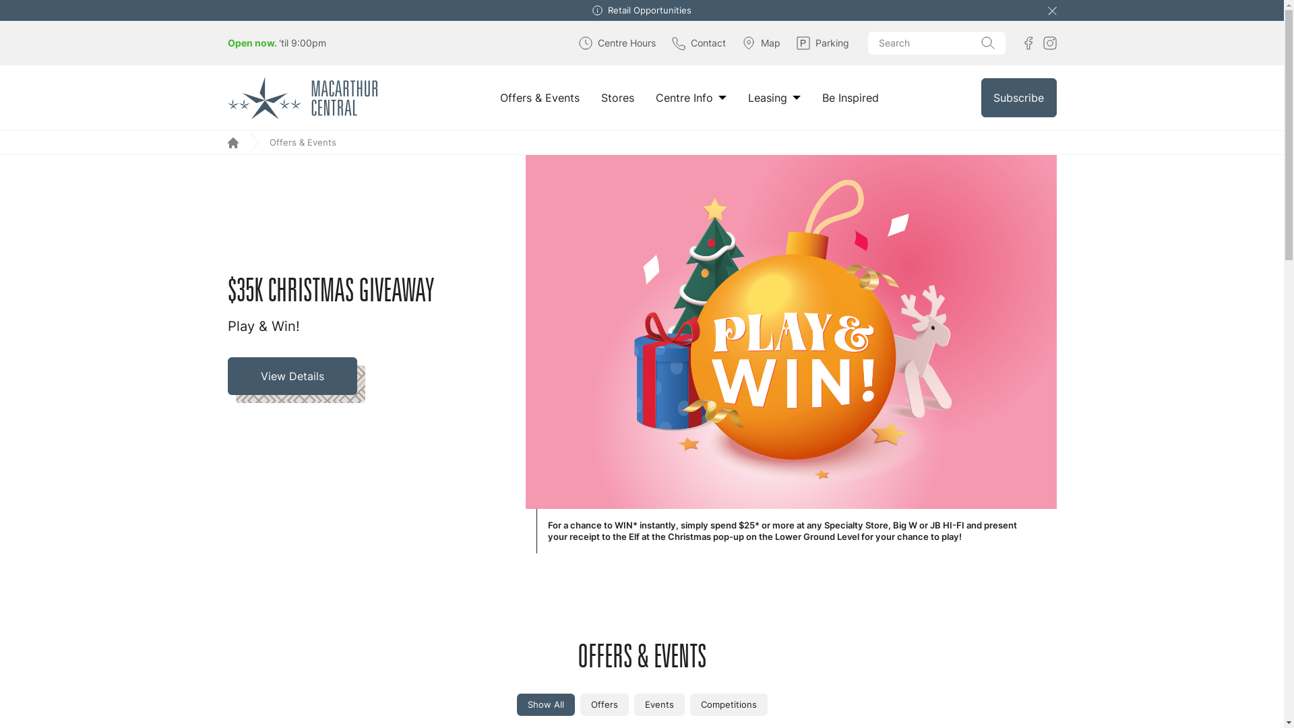 The height and width of the screenshot is (728, 1294). Describe the element at coordinates (296, 380) in the screenshot. I see `'View Details'` at that location.